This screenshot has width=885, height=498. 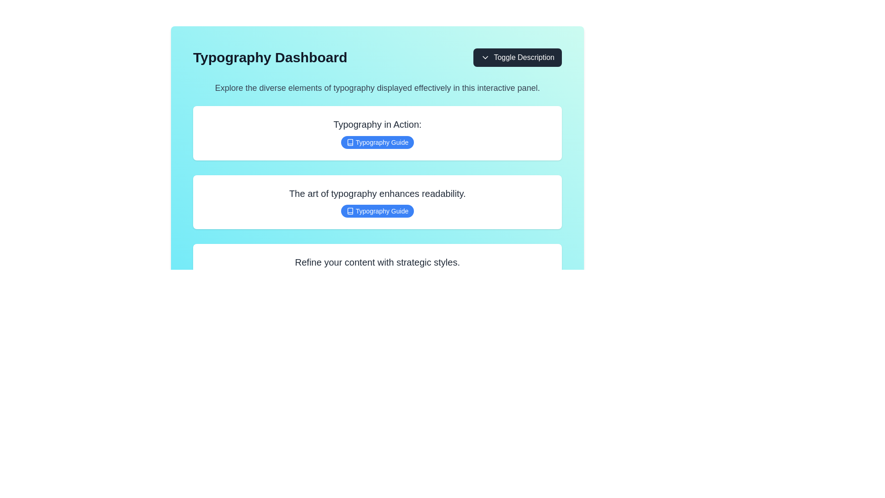 I want to click on documentation icon associated with the 'Typography Guide' button for additional details, so click(x=349, y=211).